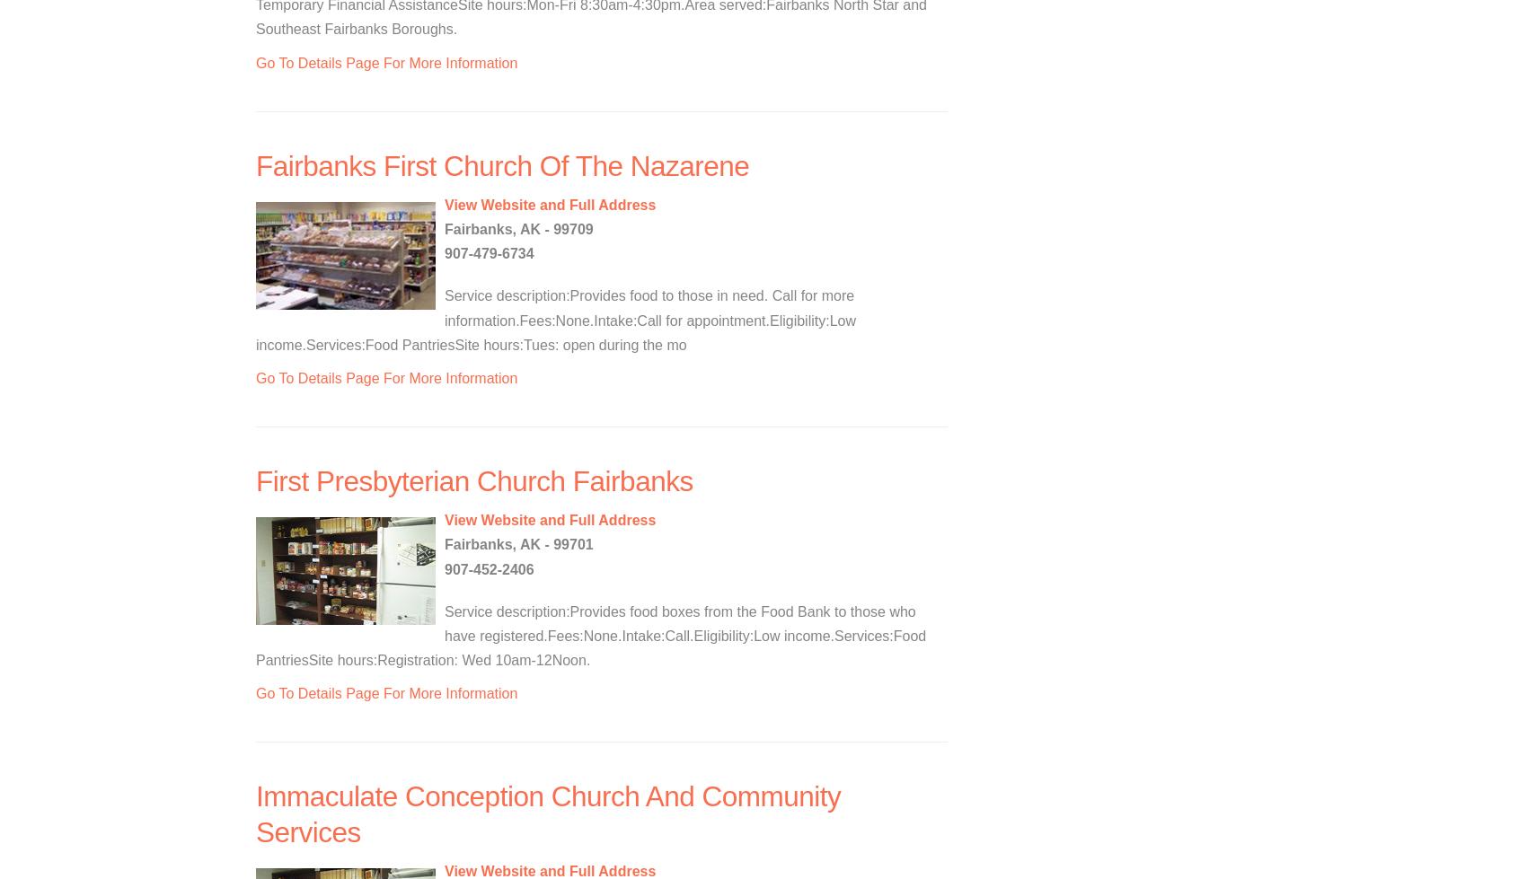  What do you see at coordinates (517, 543) in the screenshot?
I see `'Fairbanks, AK - 99701'` at bounding box center [517, 543].